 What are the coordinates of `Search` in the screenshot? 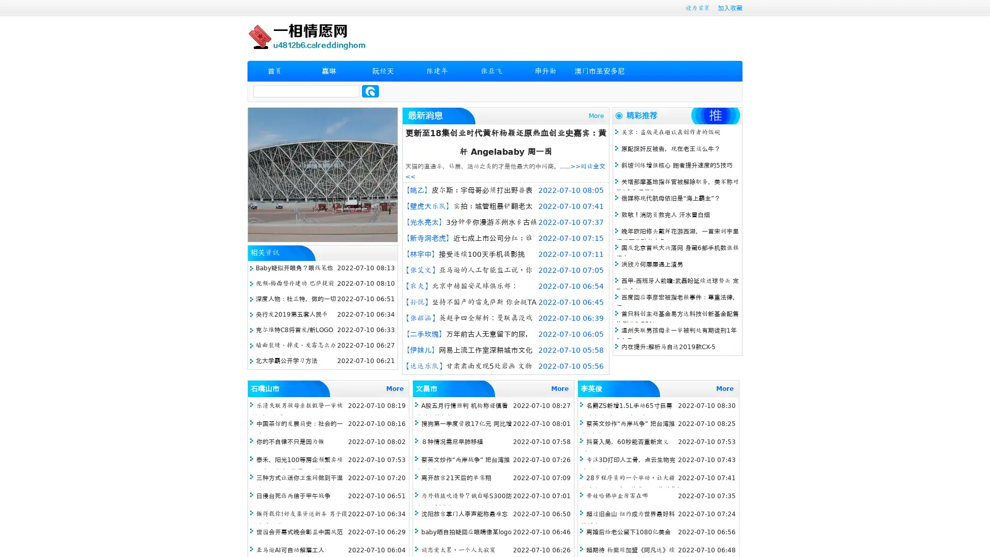 It's located at (370, 91).